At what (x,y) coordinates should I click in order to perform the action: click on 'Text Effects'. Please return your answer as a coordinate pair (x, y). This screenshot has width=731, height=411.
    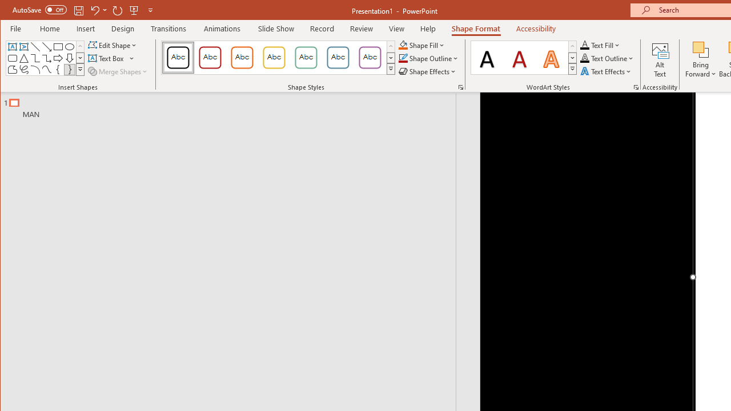
    Looking at the image, I should click on (606, 71).